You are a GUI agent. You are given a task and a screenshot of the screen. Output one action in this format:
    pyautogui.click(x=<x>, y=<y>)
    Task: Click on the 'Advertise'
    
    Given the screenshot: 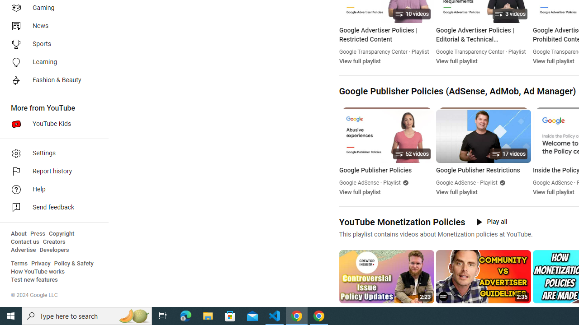 What is the action you would take?
    pyautogui.click(x=23, y=250)
    